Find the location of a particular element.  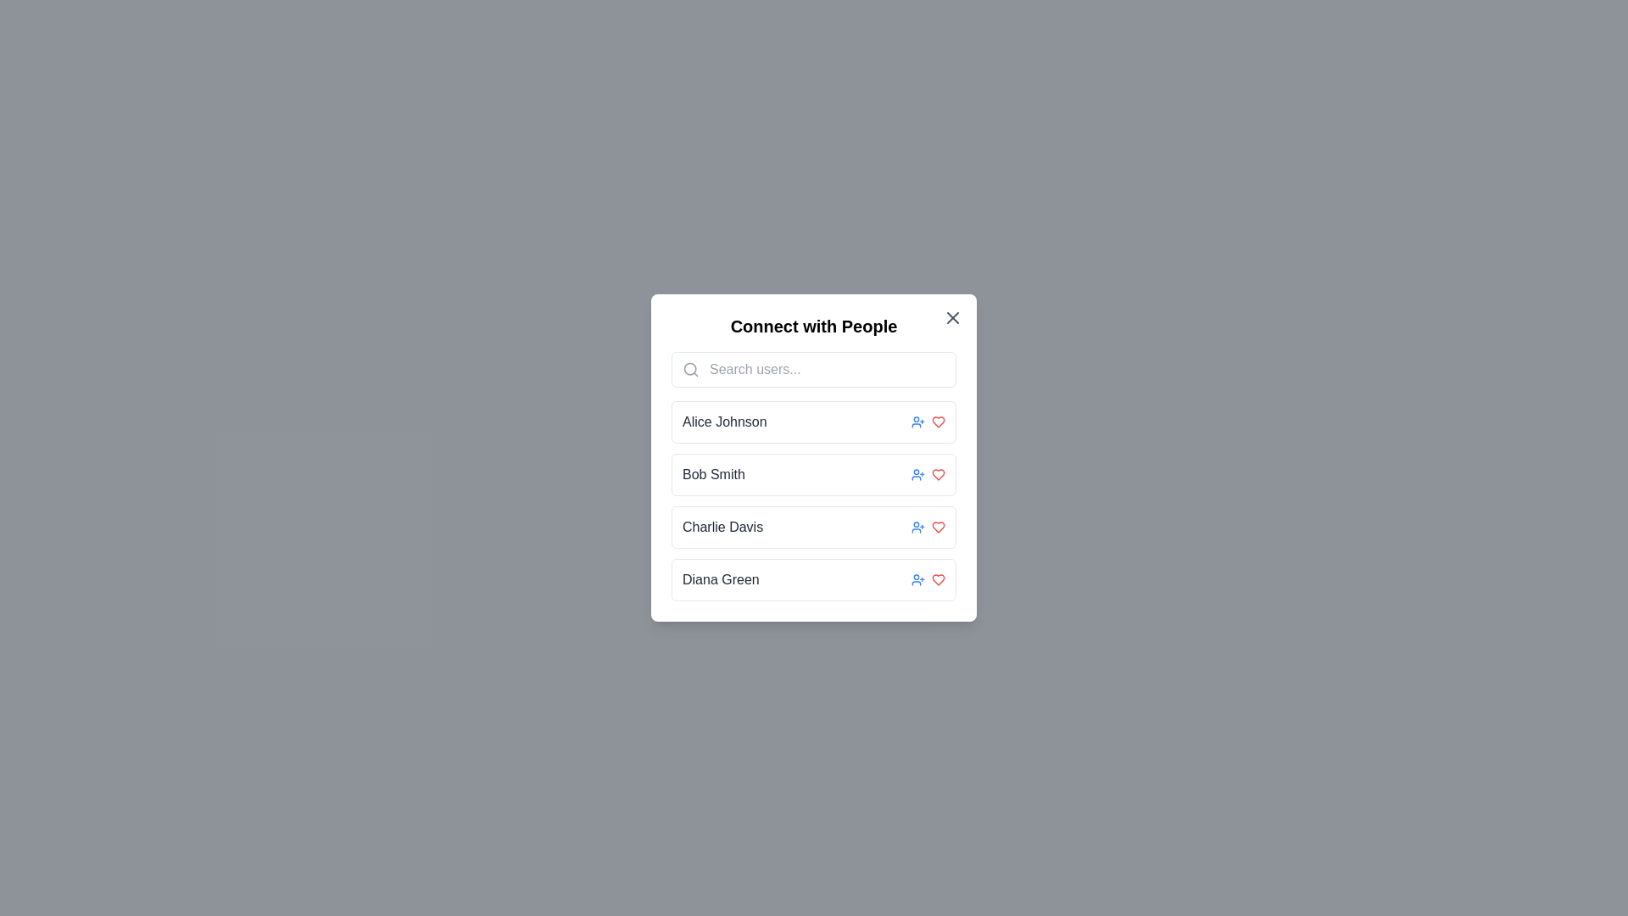

the text label displaying 'Diana Green', which represents a user in the list under 'Connect with People' is located at coordinates (721, 578).